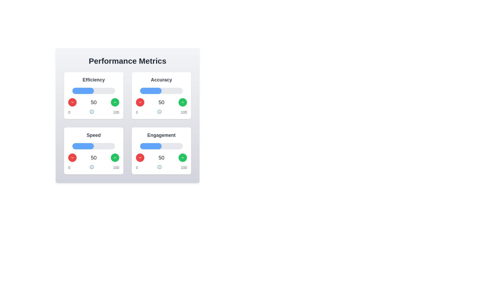  What do you see at coordinates (115, 157) in the screenshot?
I see `the circular green button with a white chevron icon pointing upwards, located to the right of a red button and a numeric value '50' in the bottom-right quadrant under the 'Engagement' section` at bounding box center [115, 157].